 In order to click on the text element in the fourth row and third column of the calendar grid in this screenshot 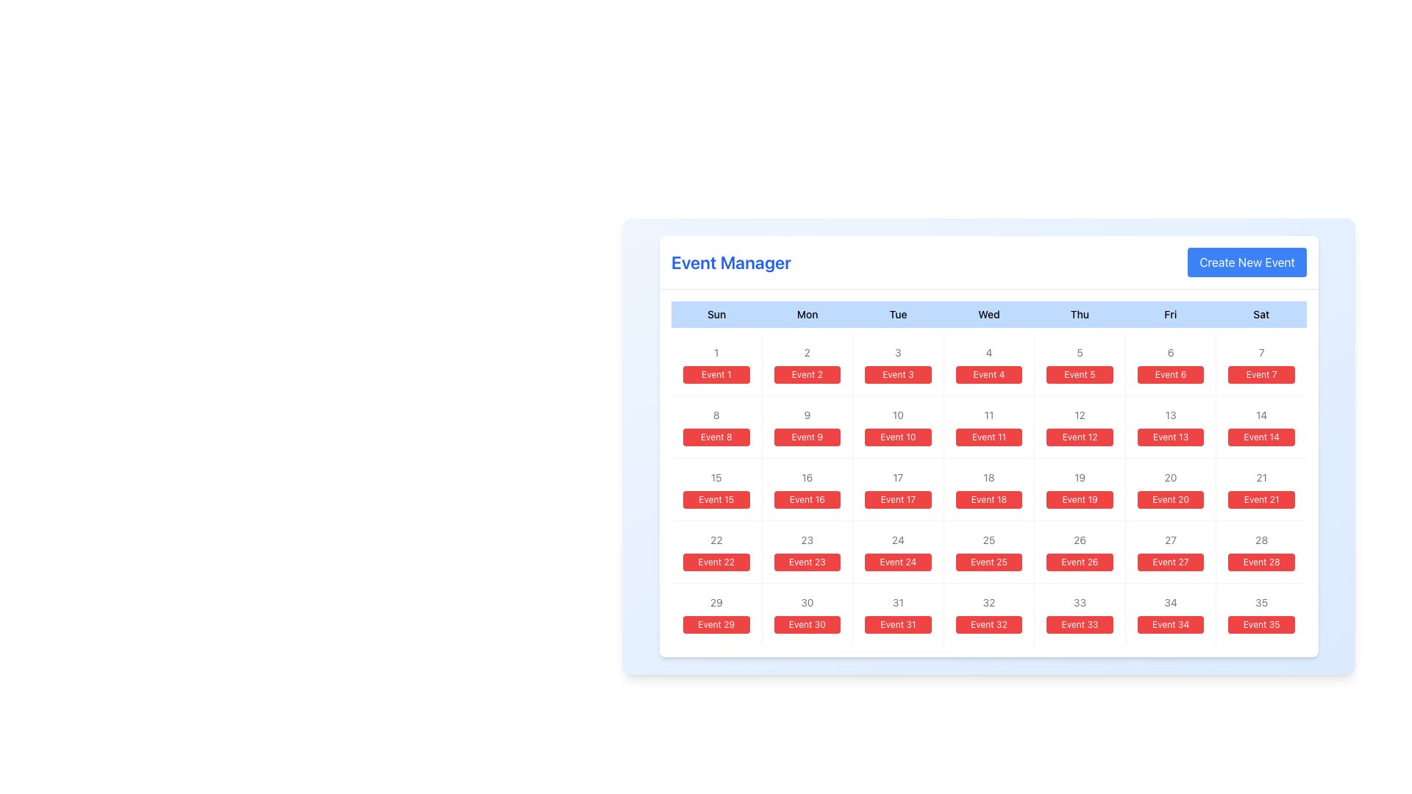, I will do `click(716, 540)`.